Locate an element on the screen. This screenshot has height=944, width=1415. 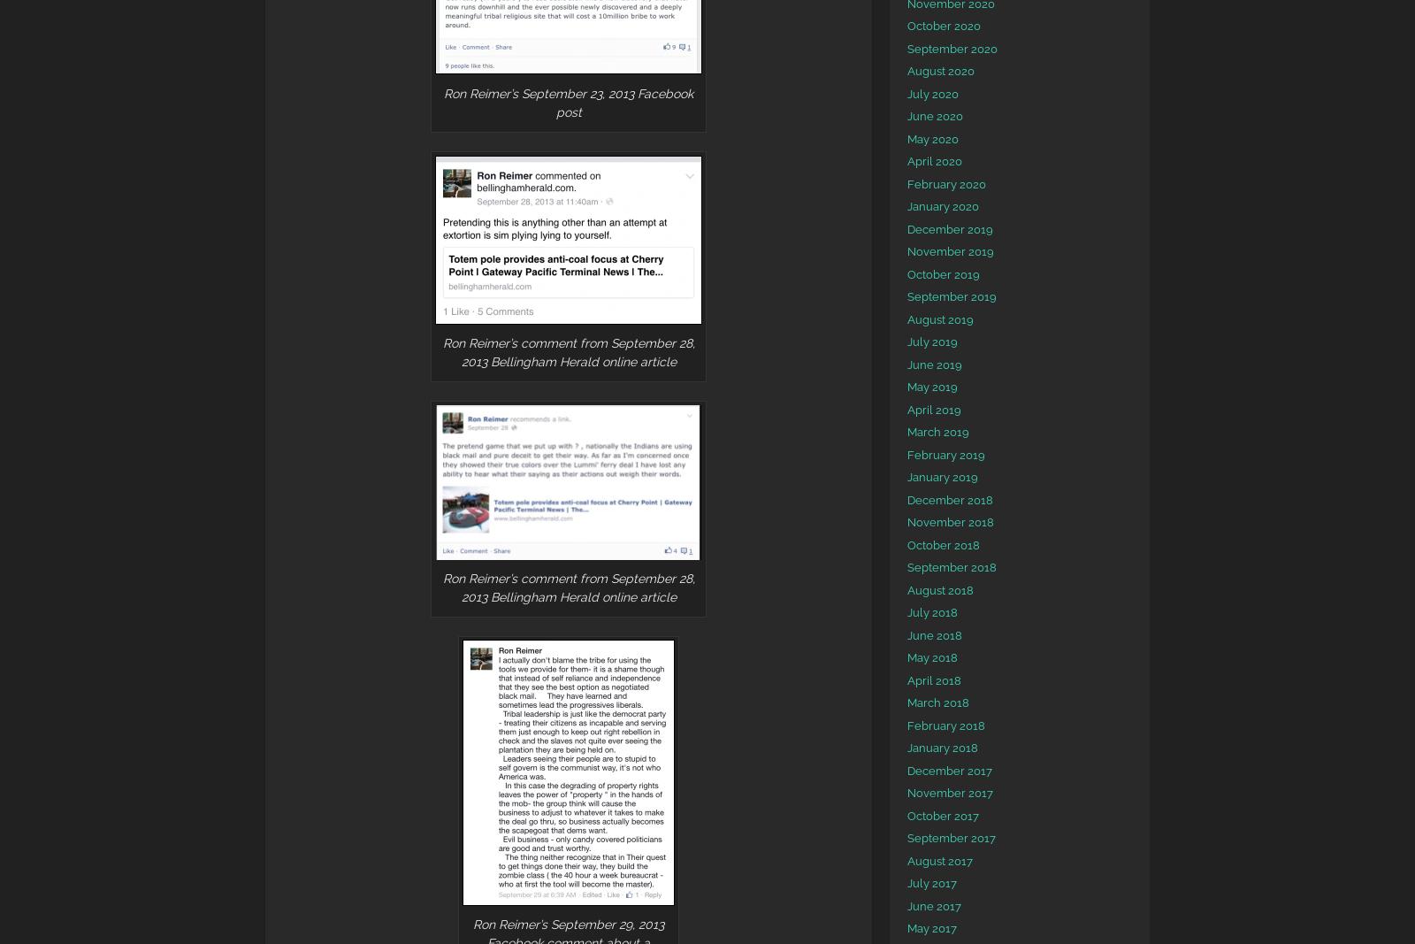
'February 2020' is located at coordinates (946, 183).